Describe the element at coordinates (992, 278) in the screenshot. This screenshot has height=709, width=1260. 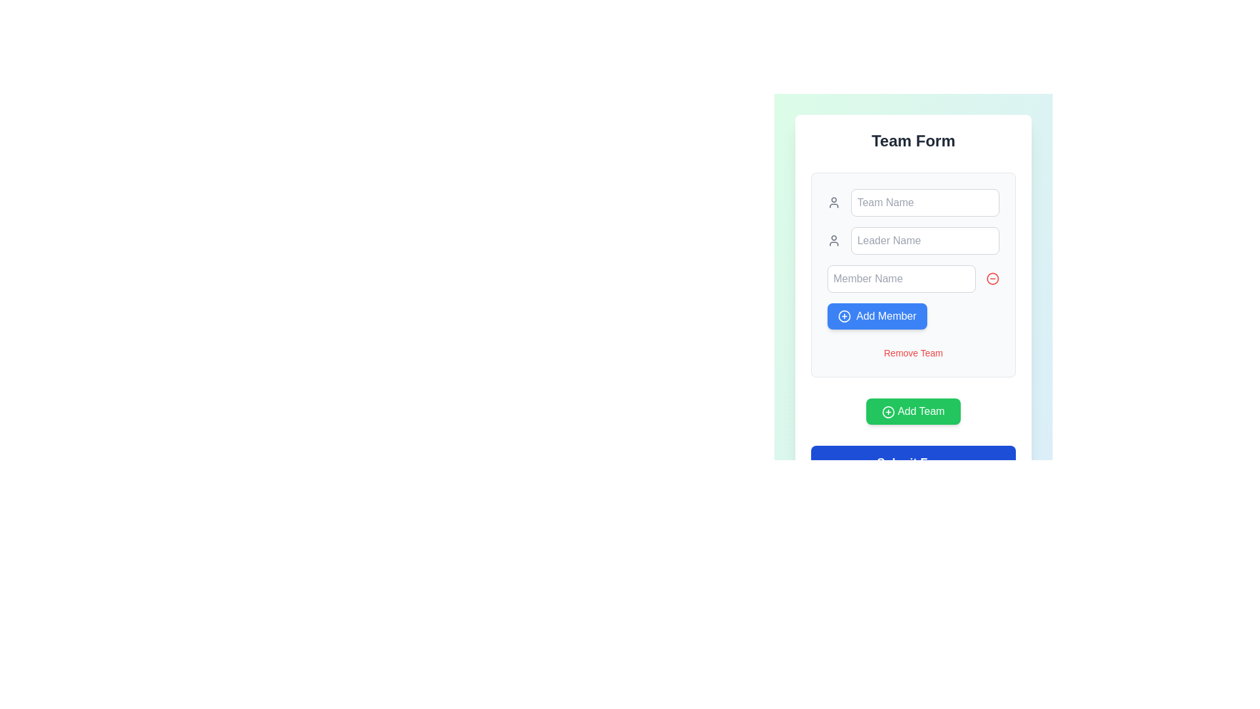
I see `the circular icon with a minus symbol, located to the right of the 'Member Name' input field in the form` at that location.